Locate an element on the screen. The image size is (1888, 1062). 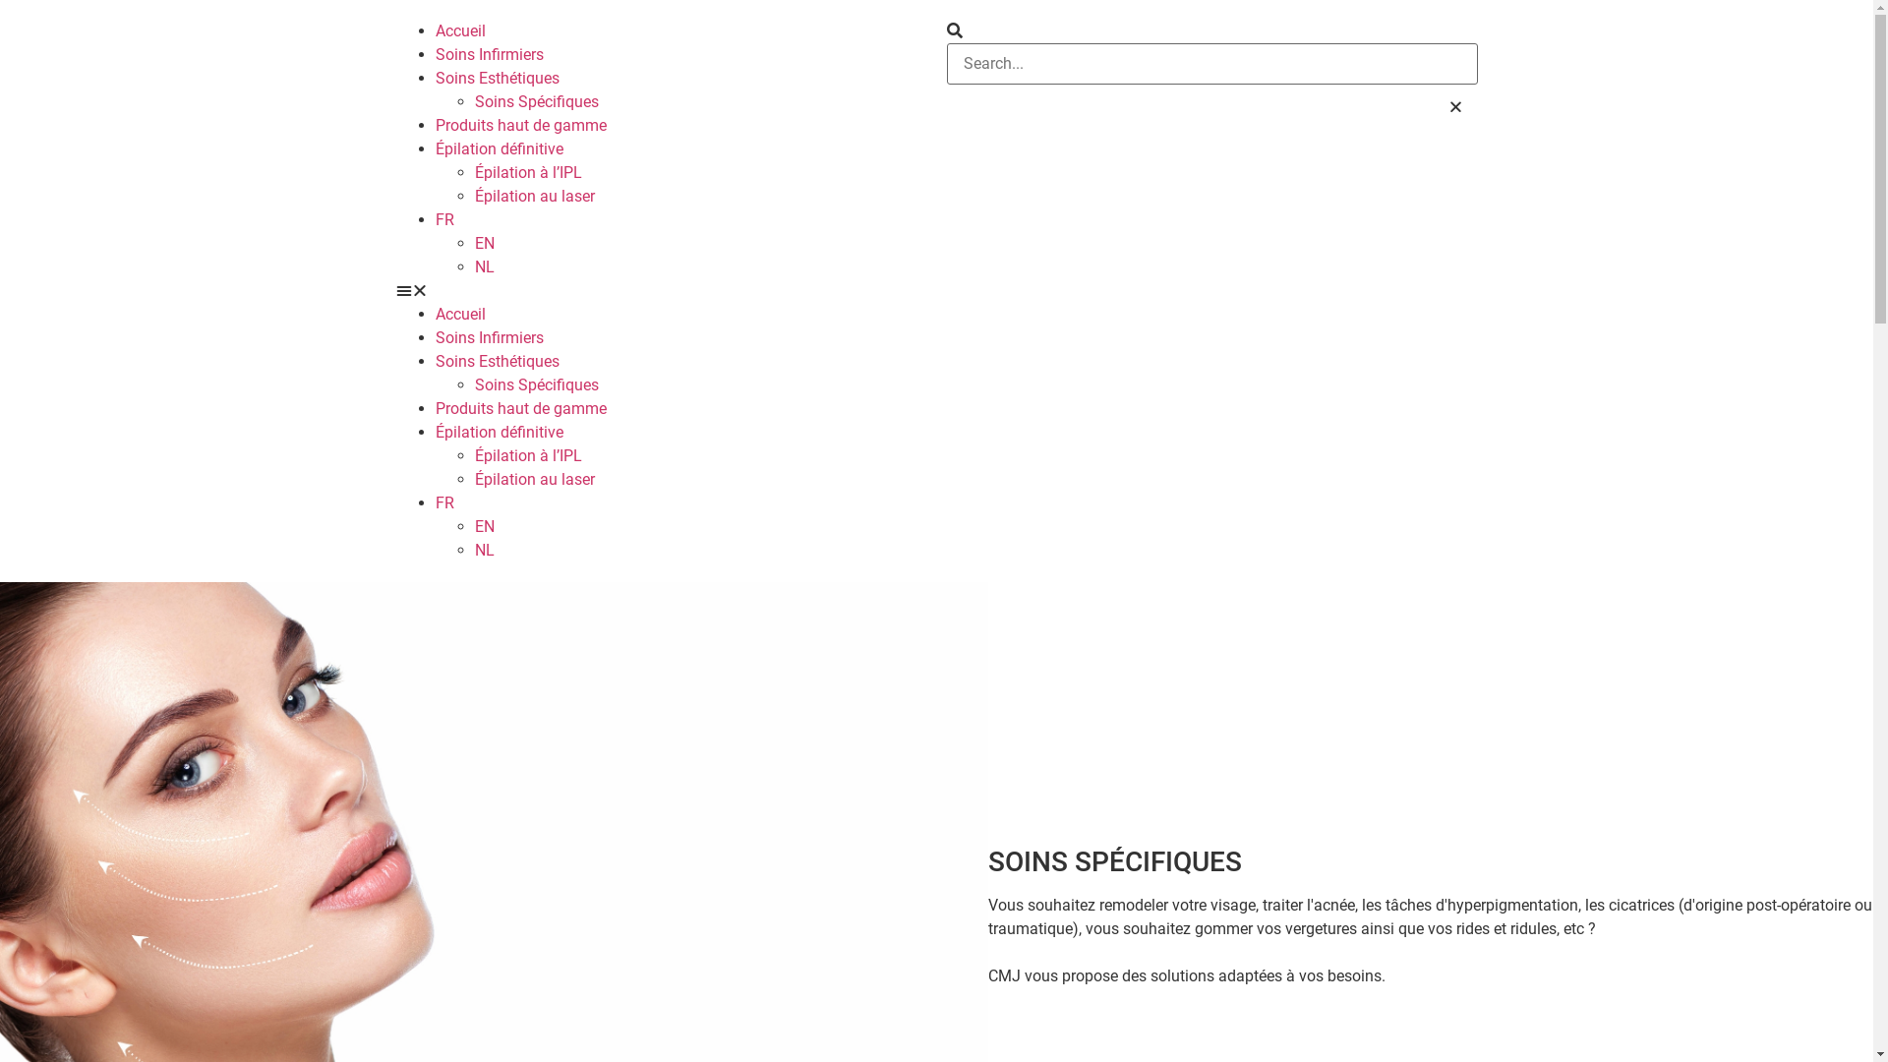
'NL' is located at coordinates (473, 266).